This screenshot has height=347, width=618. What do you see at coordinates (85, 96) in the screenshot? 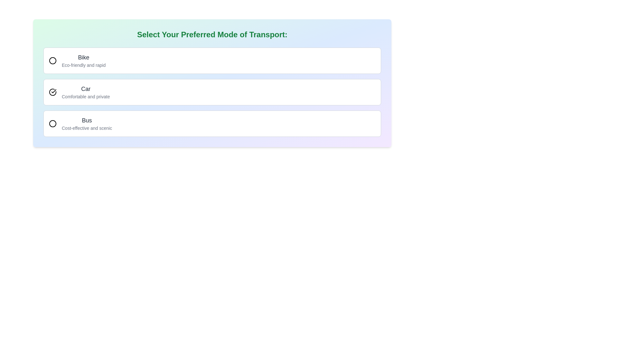
I see `the text label that provides additional information about the 'Car' selection option, located directly below the 'Car' text in the second selectable option of the list` at bounding box center [85, 96].